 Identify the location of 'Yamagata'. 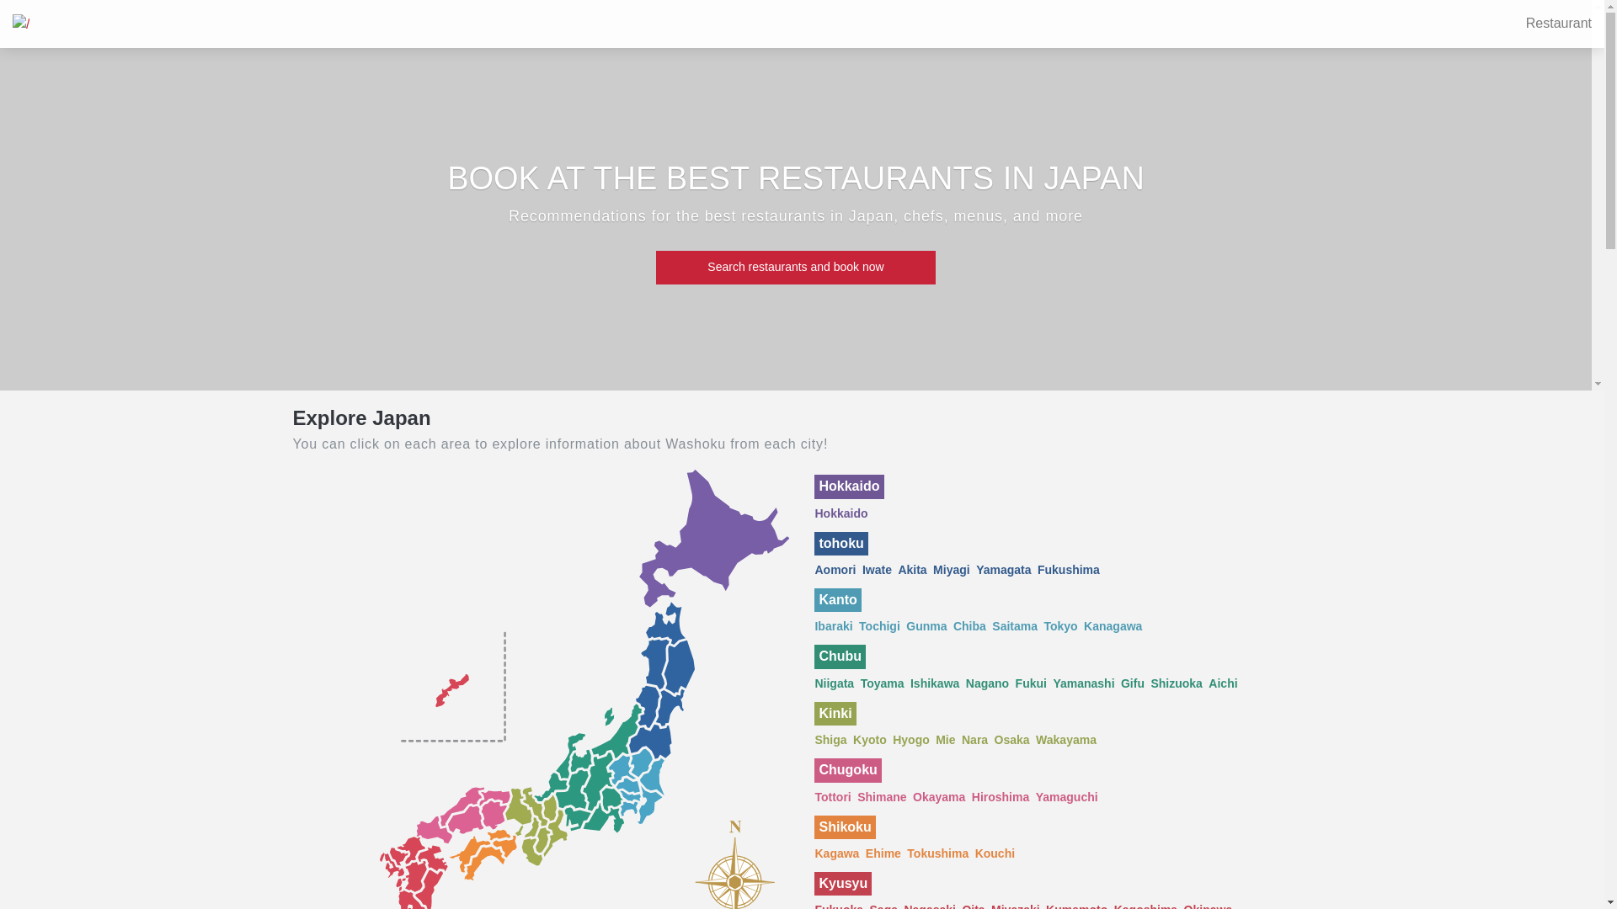
(1003, 569).